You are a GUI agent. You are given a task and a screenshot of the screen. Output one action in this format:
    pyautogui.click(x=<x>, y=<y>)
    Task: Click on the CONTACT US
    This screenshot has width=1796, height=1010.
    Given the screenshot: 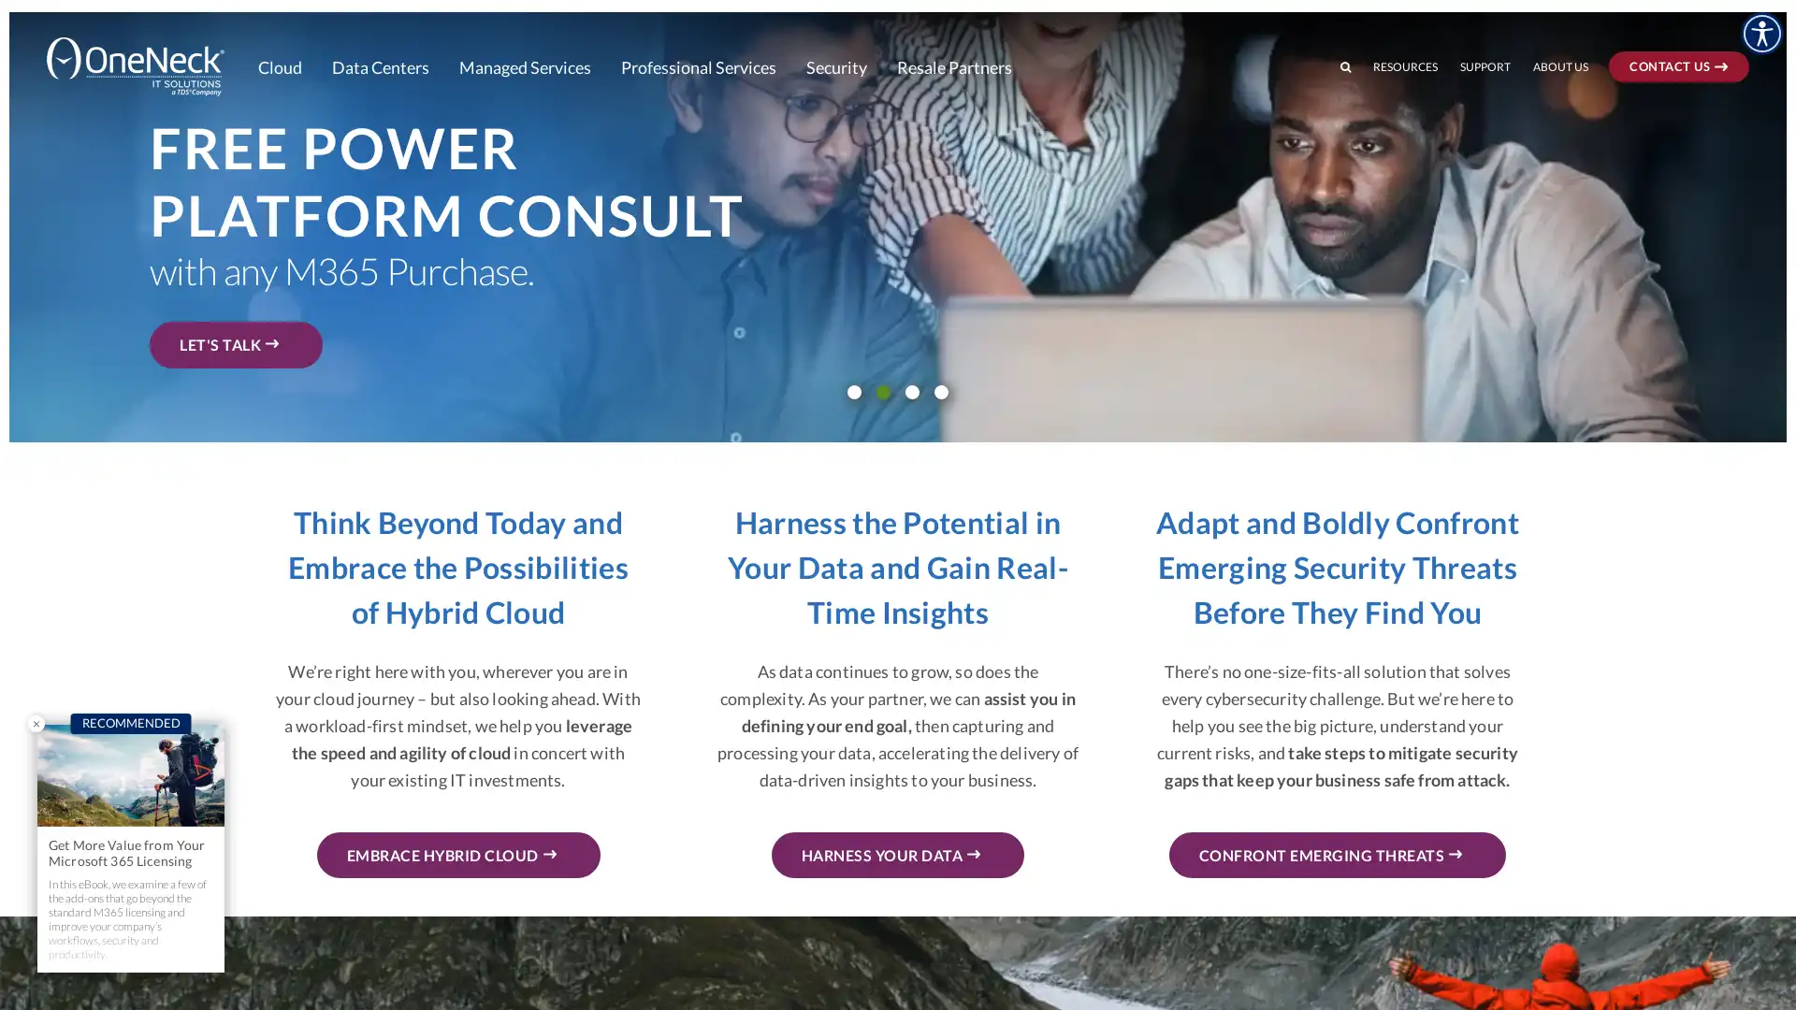 What is the action you would take?
    pyautogui.click(x=1706, y=16)
    